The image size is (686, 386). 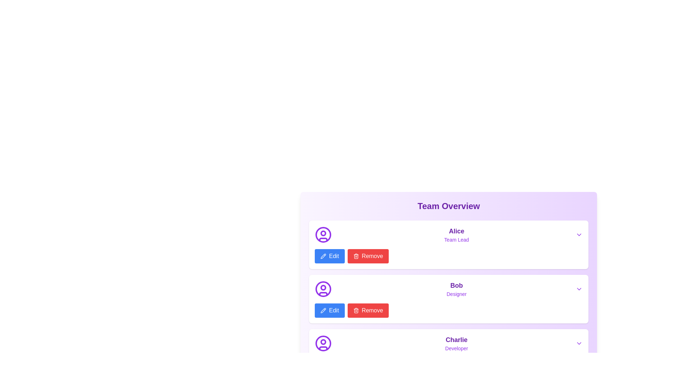 What do you see at coordinates (448, 234) in the screenshot?
I see `the profile summary card entry for the team member located at the top of the list in the team overview interface` at bounding box center [448, 234].